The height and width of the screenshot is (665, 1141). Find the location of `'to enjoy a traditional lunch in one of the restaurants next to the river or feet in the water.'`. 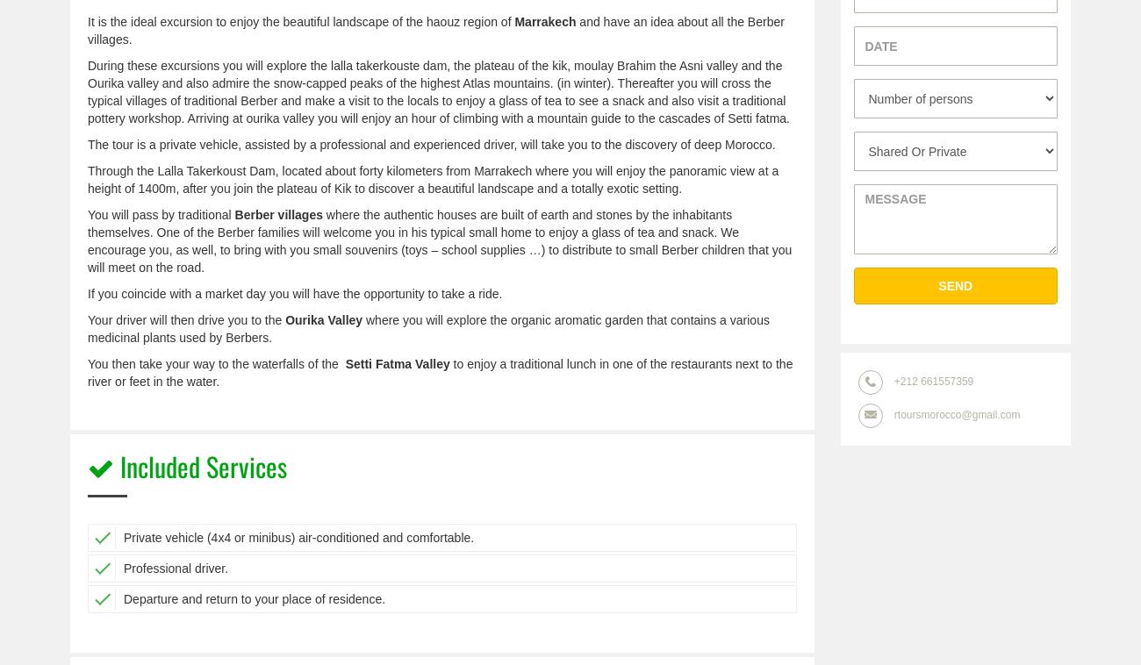

'to enjoy a traditional lunch in one of the restaurants next to the river or feet in the water.' is located at coordinates (440, 371).